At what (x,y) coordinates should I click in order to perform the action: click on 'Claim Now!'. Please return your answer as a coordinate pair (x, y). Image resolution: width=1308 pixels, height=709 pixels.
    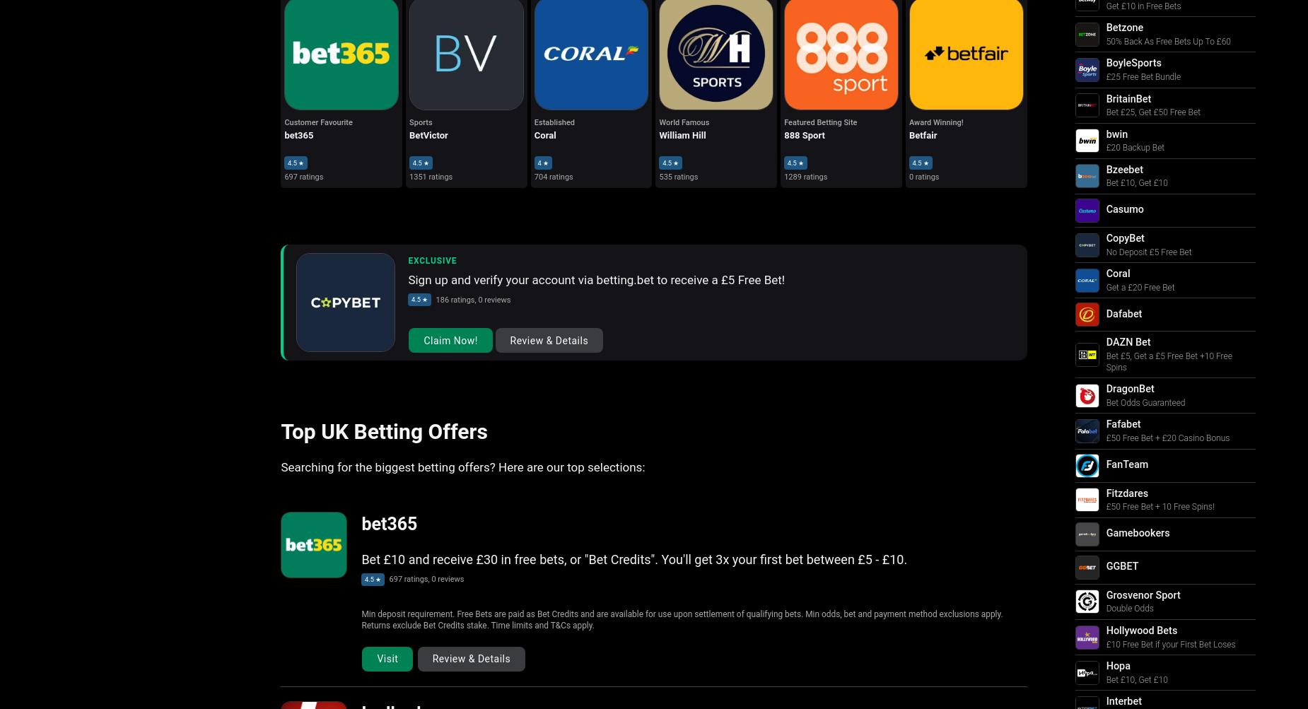
    Looking at the image, I should click on (450, 340).